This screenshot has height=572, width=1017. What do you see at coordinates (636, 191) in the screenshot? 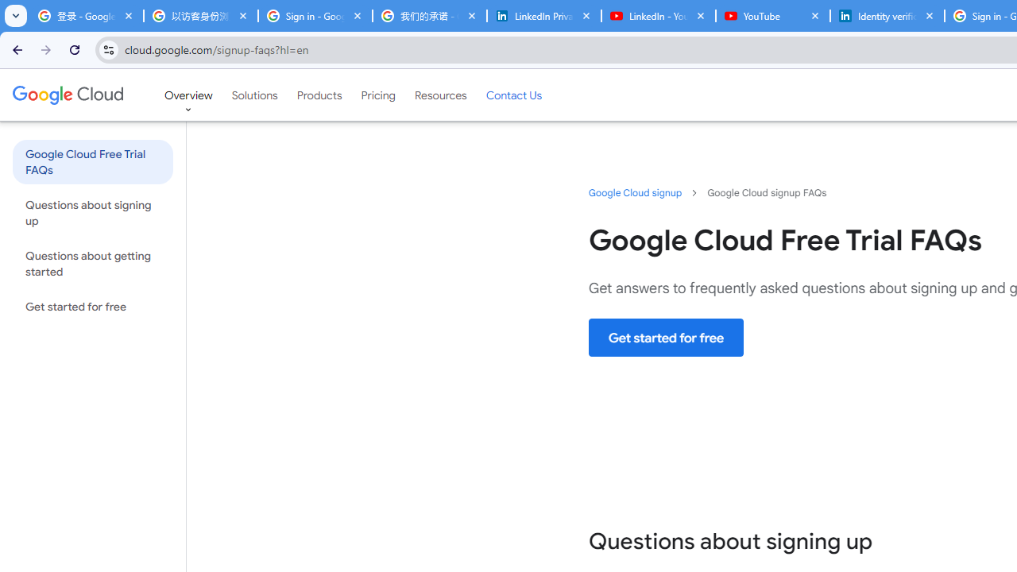
I see `'Google Cloud signup'` at bounding box center [636, 191].